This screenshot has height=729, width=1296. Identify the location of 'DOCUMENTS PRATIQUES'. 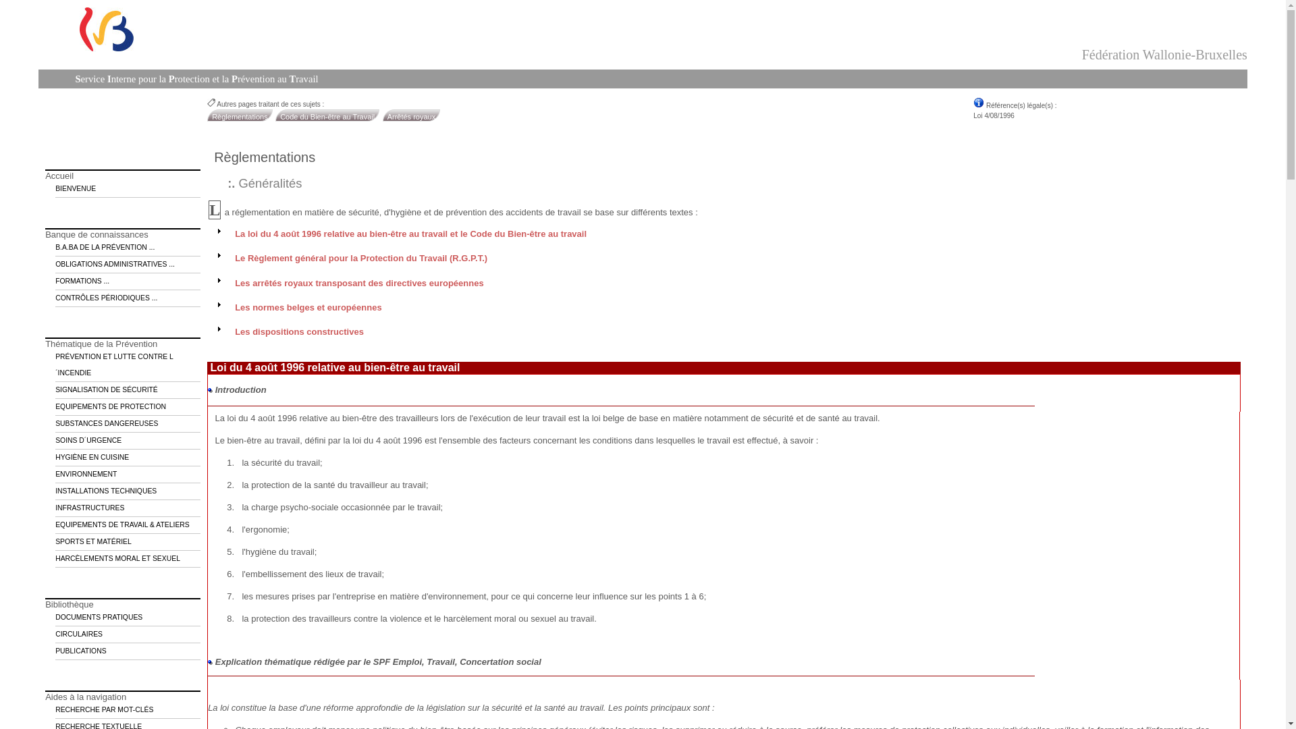
(123, 618).